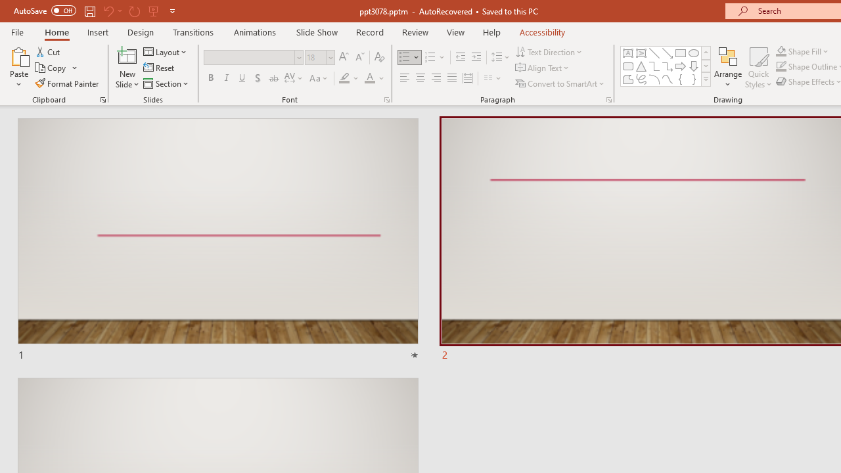 The height and width of the screenshot is (473, 841). What do you see at coordinates (18, 68) in the screenshot?
I see `'Paste'` at bounding box center [18, 68].